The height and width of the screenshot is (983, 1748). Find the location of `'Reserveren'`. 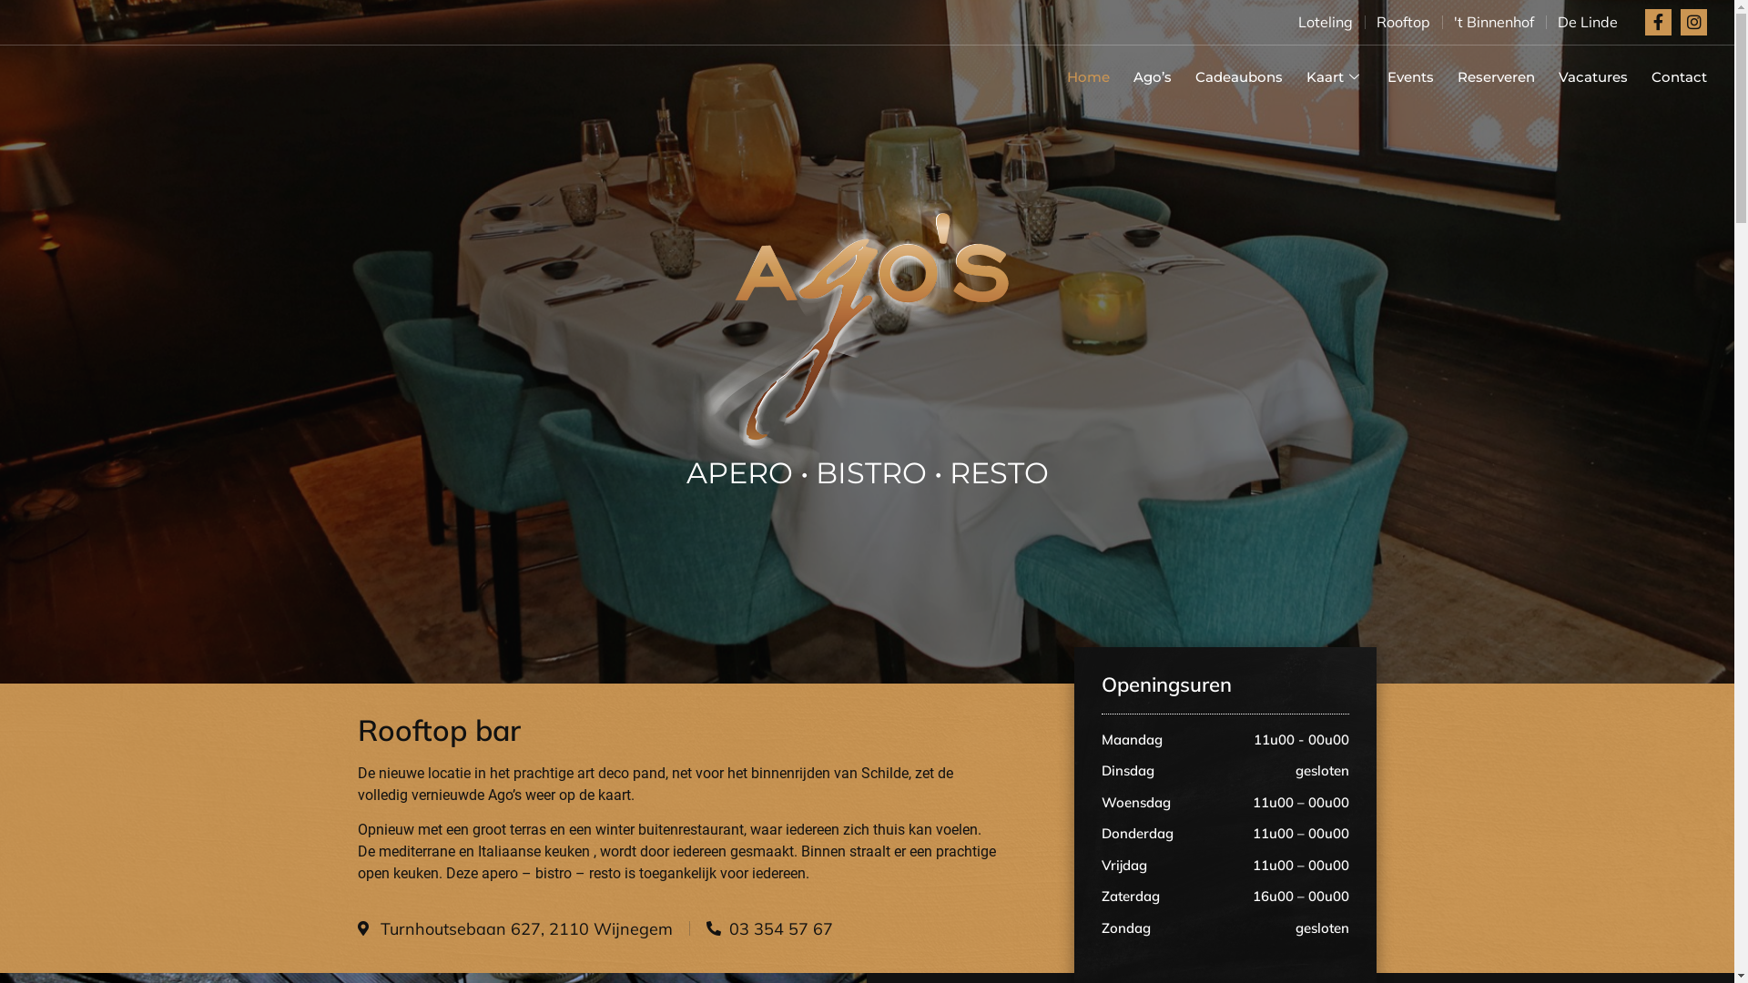

'Reserveren' is located at coordinates (1484, 76).